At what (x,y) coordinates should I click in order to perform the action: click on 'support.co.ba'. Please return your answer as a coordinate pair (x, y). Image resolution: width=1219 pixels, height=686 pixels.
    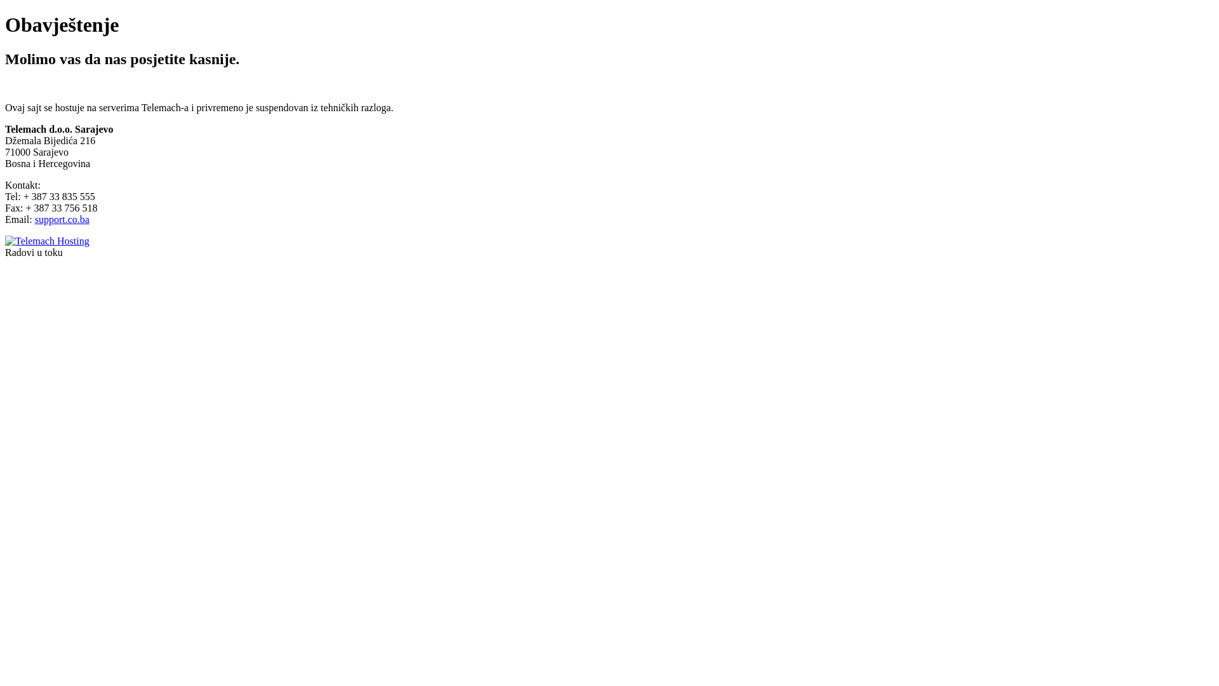
    Looking at the image, I should click on (61, 219).